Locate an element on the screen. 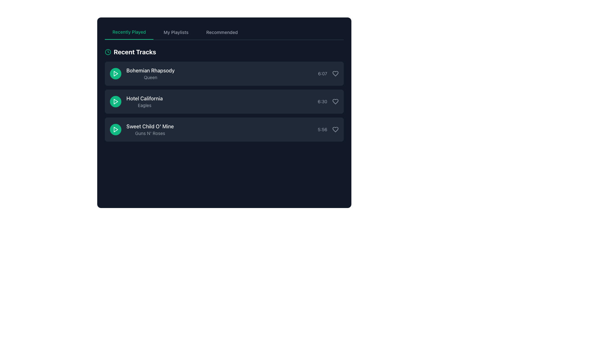 This screenshot has height=343, width=610. the text label displaying the duration of the track 'Bohemian Rhapsody' by Queen, located in the 'Recent Tracks' section, to the left of the heart icon is located at coordinates (328, 73).